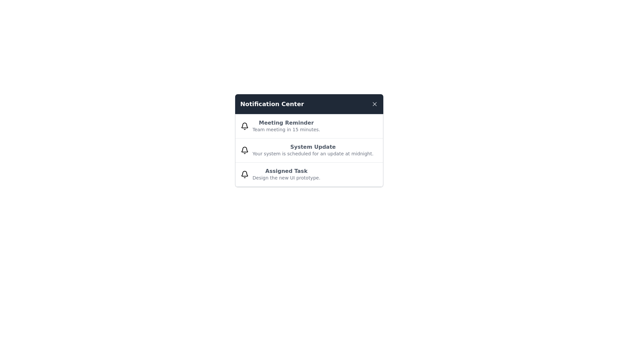 This screenshot has width=635, height=357. What do you see at coordinates (374, 104) in the screenshot?
I see `the close button for the Notification Center interface, which is located to the right of the 'Notification Center' text label in the dark-gray header` at bounding box center [374, 104].